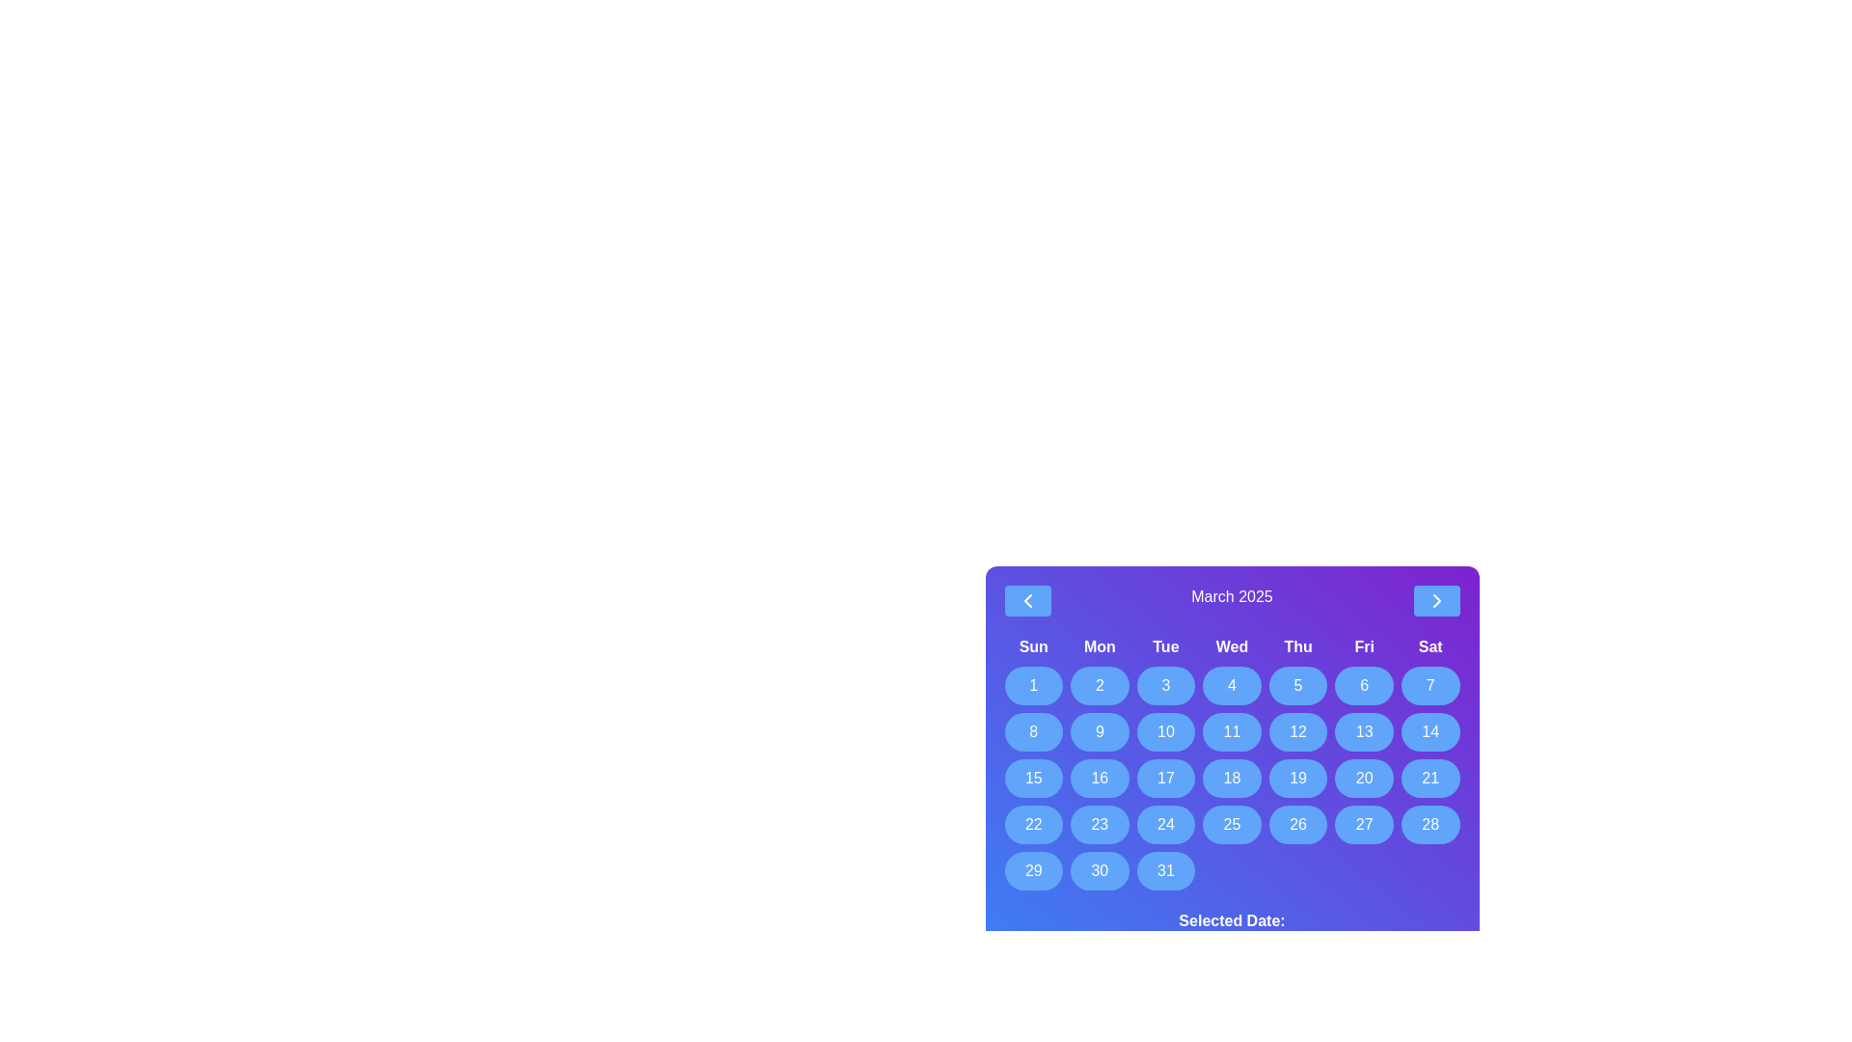 Image resolution: width=1852 pixels, height=1042 pixels. Describe the element at coordinates (1032, 870) in the screenshot. I see `the button representing the 29th day` at that location.